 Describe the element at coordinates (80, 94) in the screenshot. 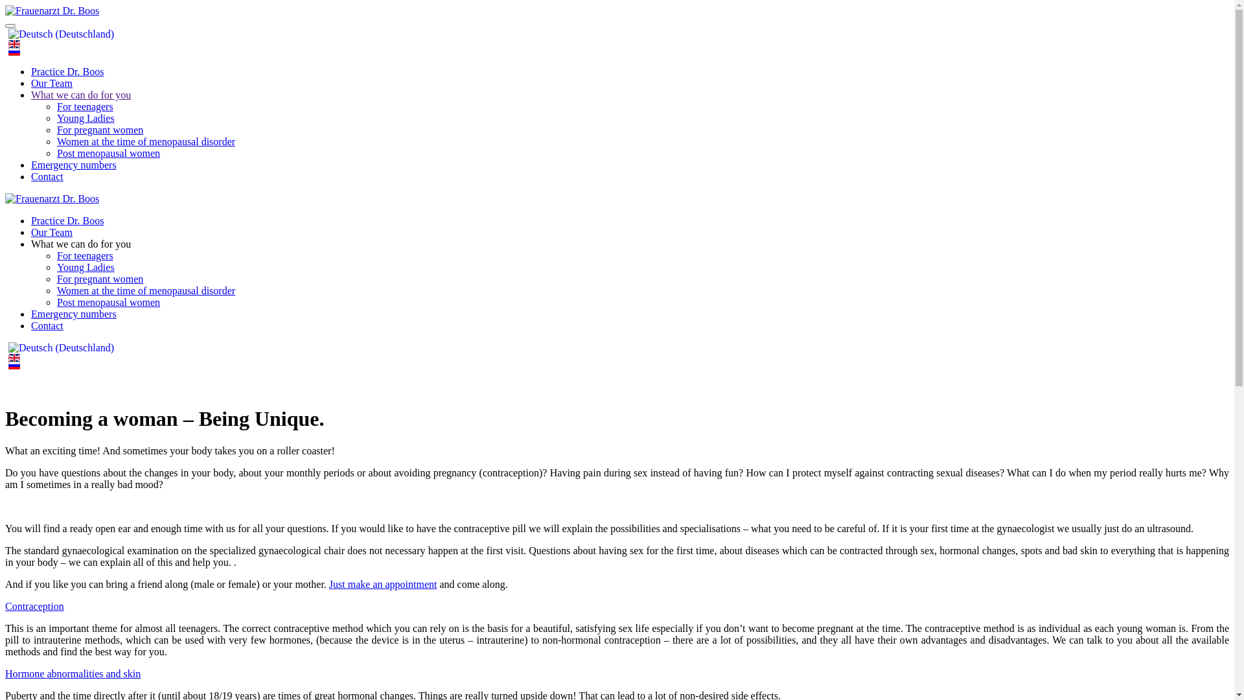

I see `'What we can do for you'` at that location.